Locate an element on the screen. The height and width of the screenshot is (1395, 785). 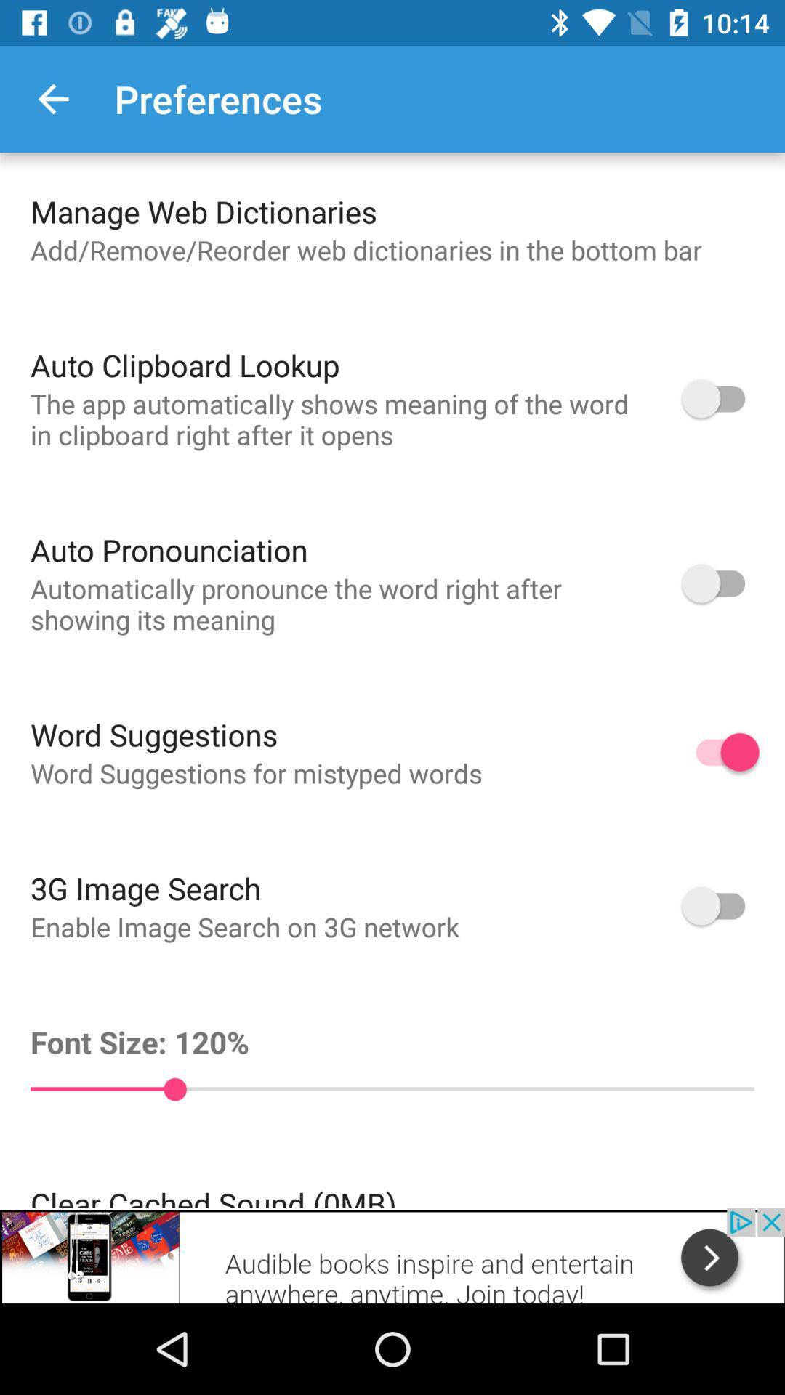
off is located at coordinates (720, 398).